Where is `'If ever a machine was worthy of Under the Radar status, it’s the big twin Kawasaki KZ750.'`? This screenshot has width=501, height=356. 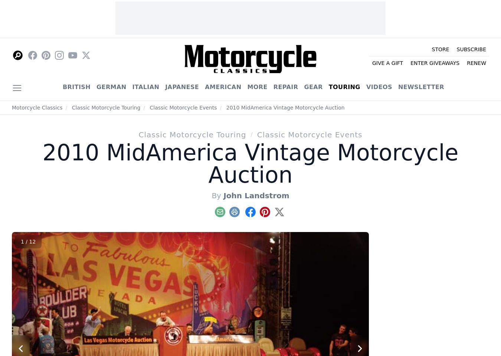 'If ever a machine was worthy of Under the Radar status, it’s the big twin Kawasaki KZ750.' is located at coordinates (444, 189).